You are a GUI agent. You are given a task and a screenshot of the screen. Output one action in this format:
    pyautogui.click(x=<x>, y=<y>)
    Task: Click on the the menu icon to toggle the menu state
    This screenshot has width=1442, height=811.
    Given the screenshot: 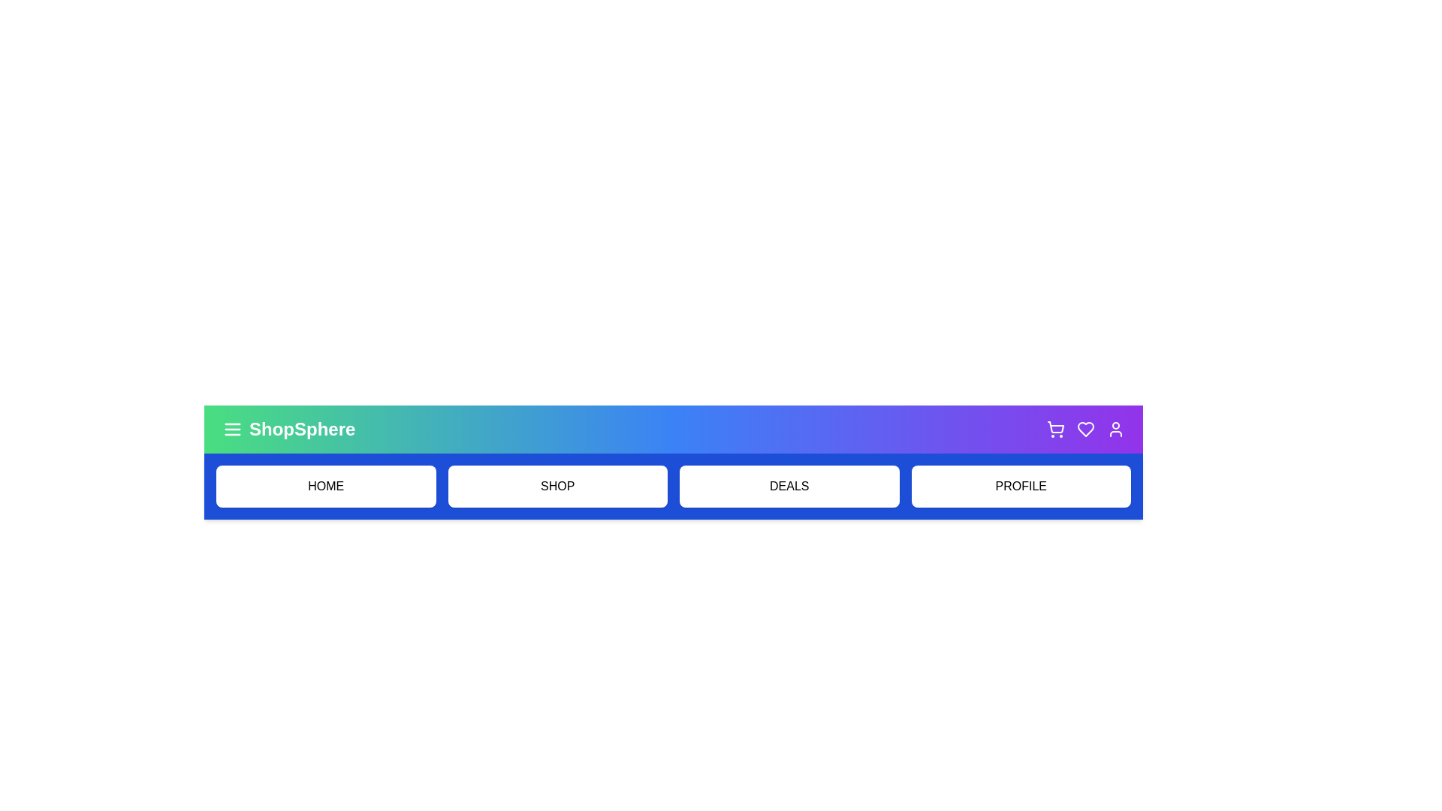 What is the action you would take?
    pyautogui.click(x=232, y=429)
    